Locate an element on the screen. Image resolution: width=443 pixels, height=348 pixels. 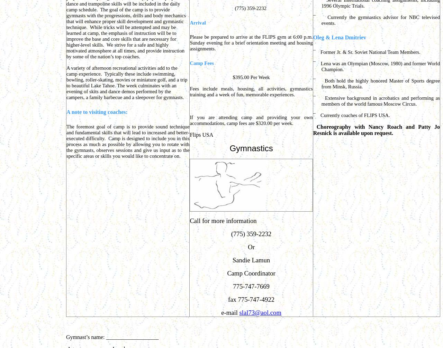
'Oleg & Lena Dmitriev' is located at coordinates (339, 37).